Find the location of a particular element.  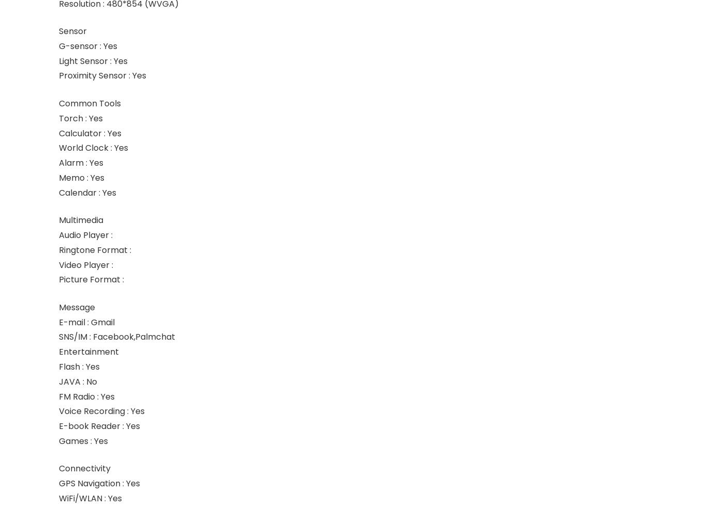

'Light Sensor : Yes' is located at coordinates (93, 60).